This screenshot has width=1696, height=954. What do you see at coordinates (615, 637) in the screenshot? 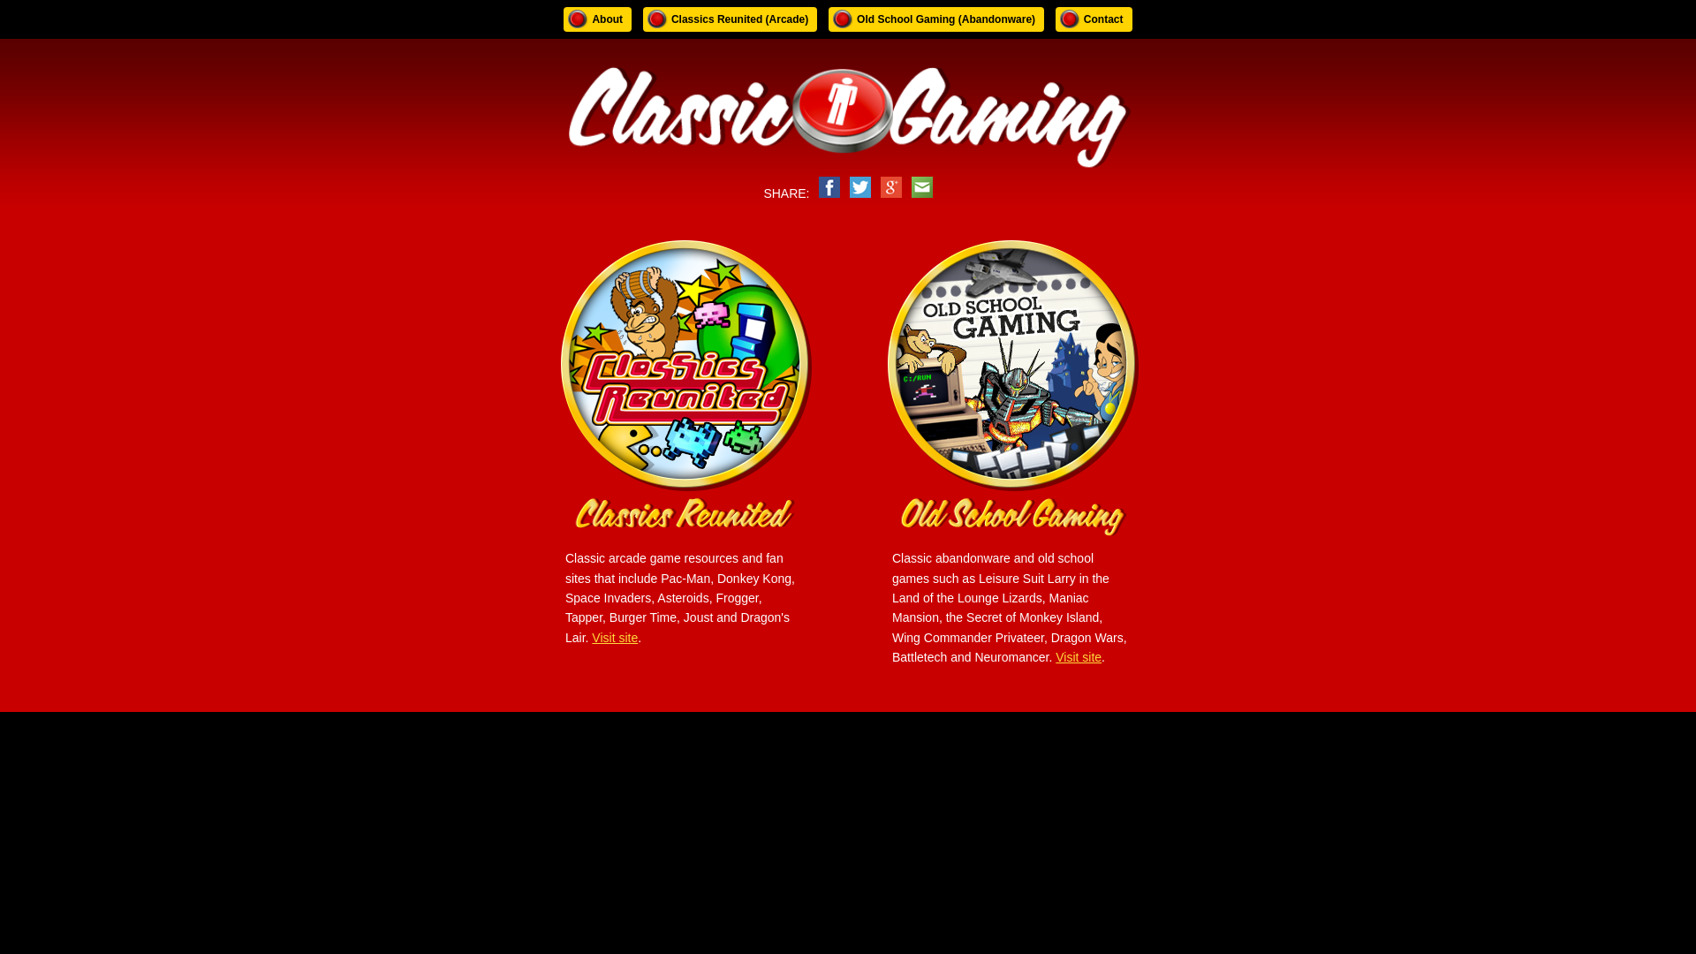
I see `'Visit site'` at bounding box center [615, 637].